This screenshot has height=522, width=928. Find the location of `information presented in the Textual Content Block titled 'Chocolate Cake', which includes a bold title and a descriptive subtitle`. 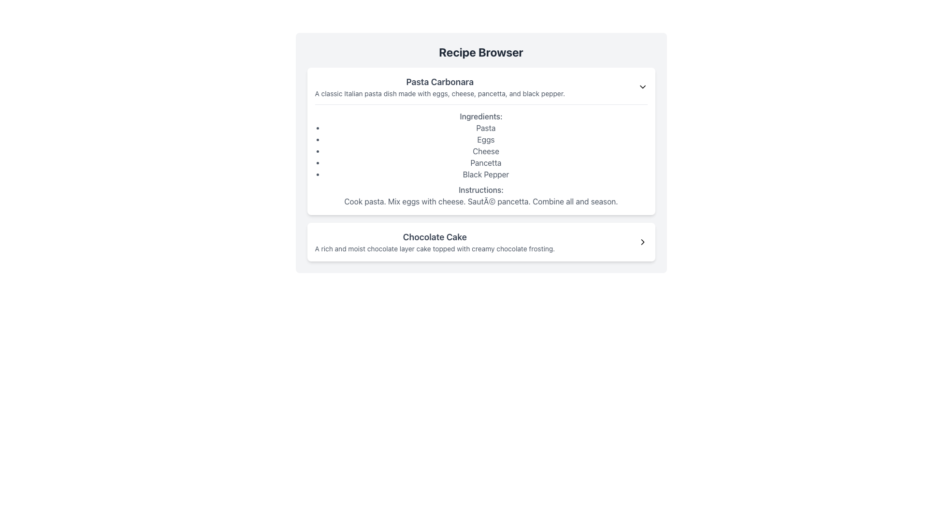

information presented in the Textual Content Block titled 'Chocolate Cake', which includes a bold title and a descriptive subtitle is located at coordinates (434, 242).